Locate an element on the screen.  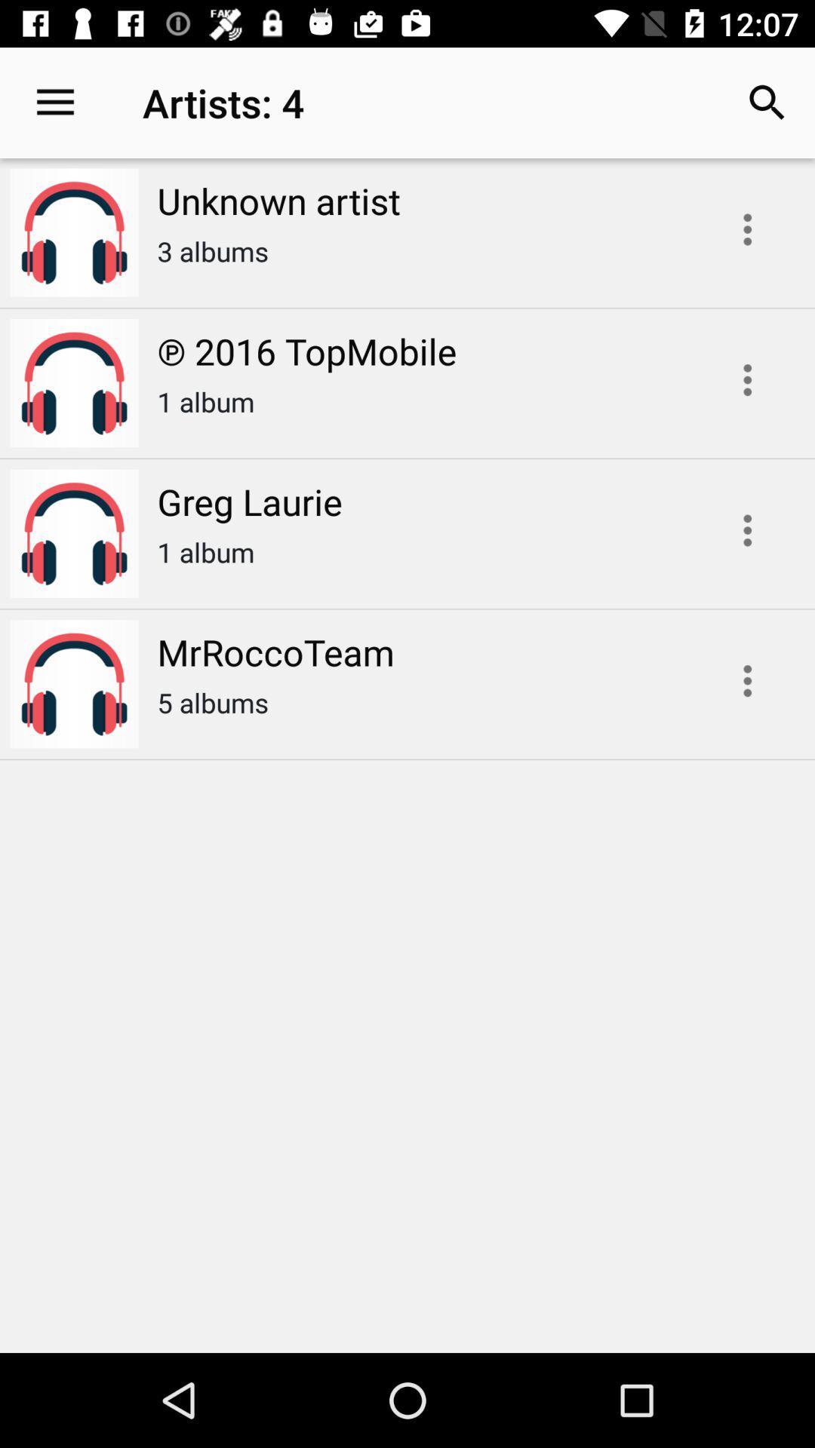
icon next to the unknown artist is located at coordinates (54, 102).